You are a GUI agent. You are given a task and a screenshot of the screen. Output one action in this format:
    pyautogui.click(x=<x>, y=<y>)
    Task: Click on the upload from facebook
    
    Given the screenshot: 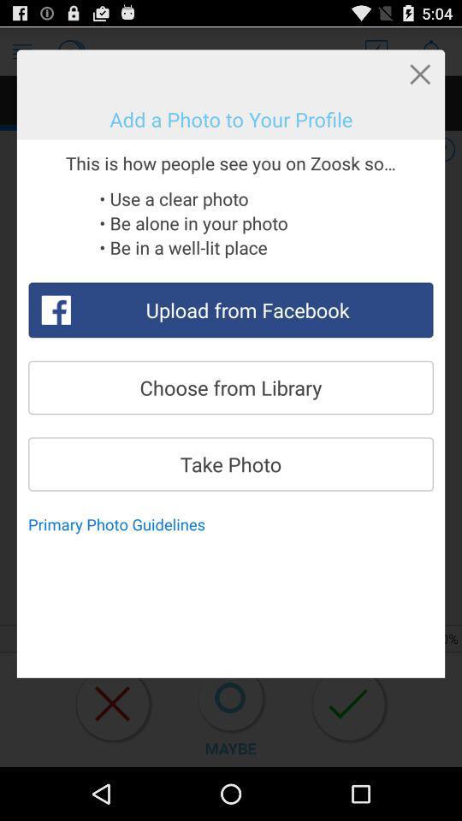 What is the action you would take?
    pyautogui.click(x=231, y=309)
    